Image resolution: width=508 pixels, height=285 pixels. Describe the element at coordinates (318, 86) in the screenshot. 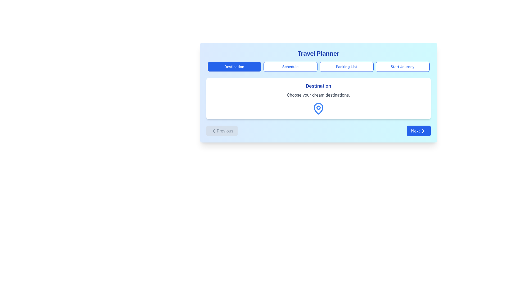

I see `bold text label 'Destination' that is styled in a large blue font and located at the top center of the card` at that location.